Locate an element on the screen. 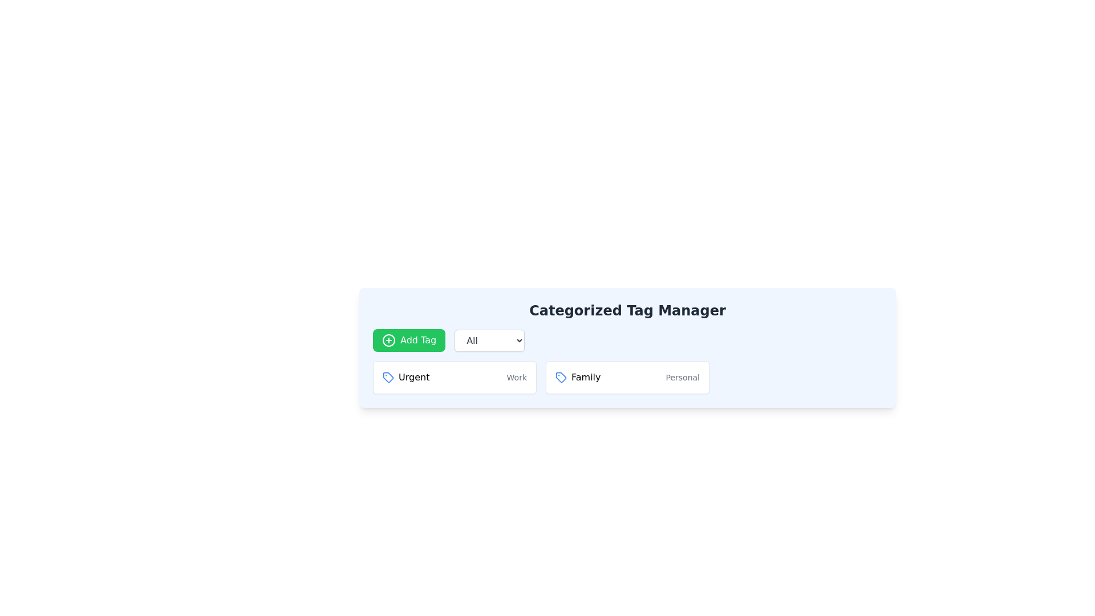  the label component displaying the text 'Family' with a blue outlined tag icon is located at coordinates (578, 378).